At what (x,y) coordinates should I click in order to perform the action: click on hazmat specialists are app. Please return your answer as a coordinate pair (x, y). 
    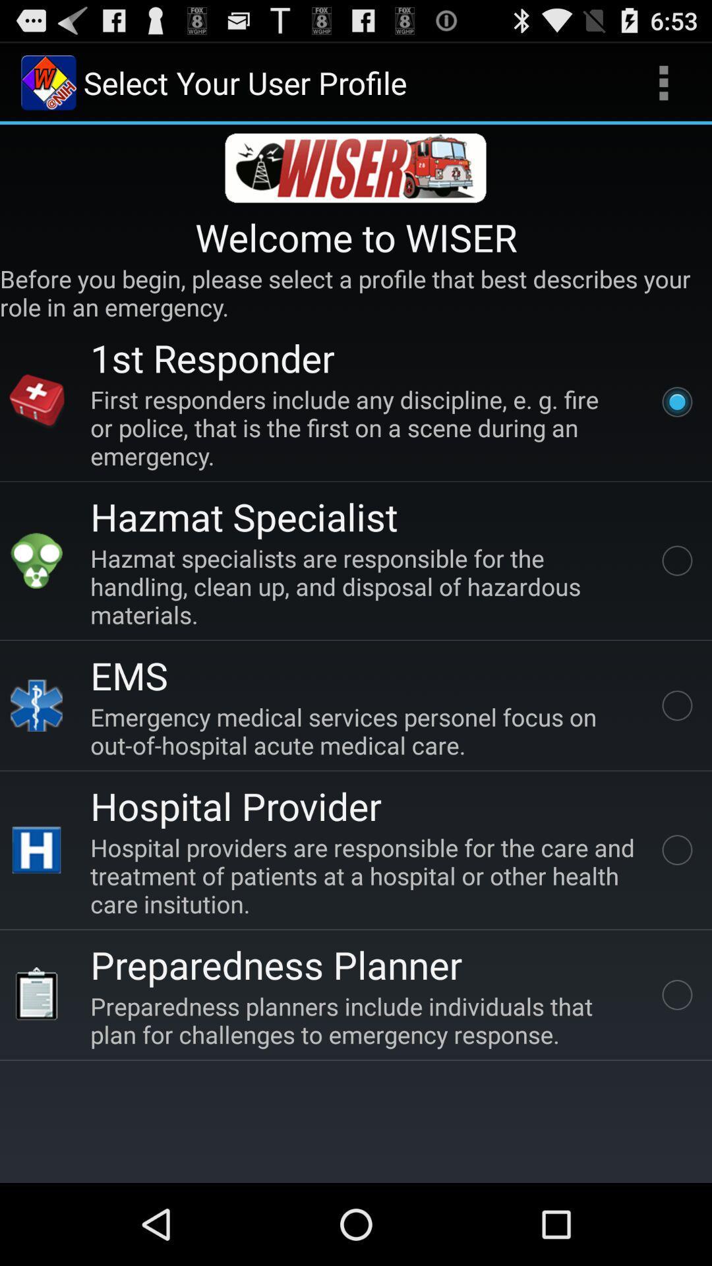
    Looking at the image, I should click on (365, 586).